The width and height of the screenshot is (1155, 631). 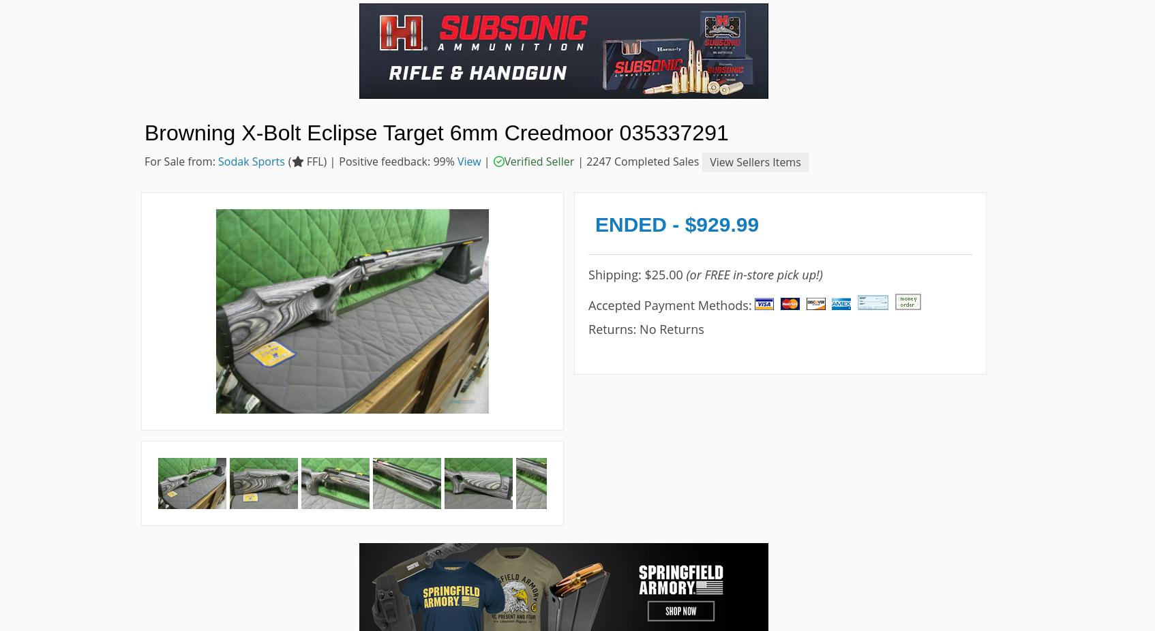 What do you see at coordinates (613, 327) in the screenshot?
I see `'Returns:'` at bounding box center [613, 327].